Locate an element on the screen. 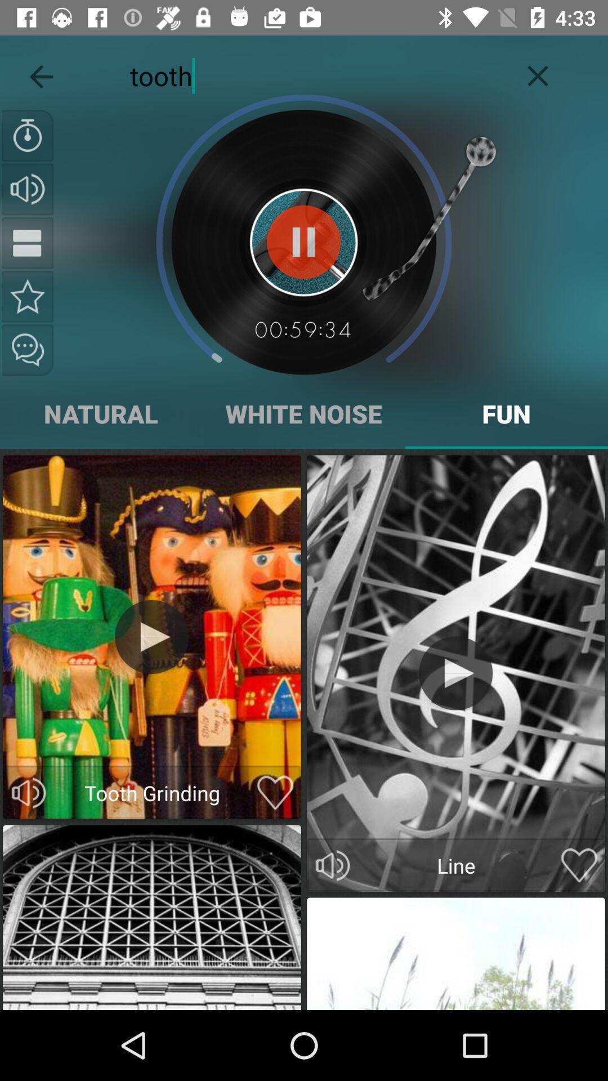 The image size is (608, 1081). sound file is located at coordinates (27, 296).